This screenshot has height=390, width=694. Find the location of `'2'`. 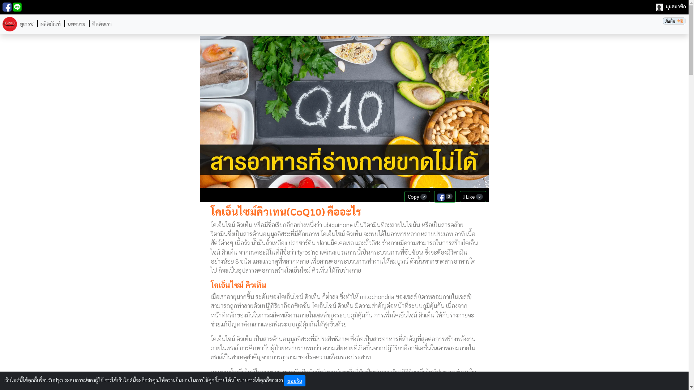

'2' is located at coordinates (434, 196).